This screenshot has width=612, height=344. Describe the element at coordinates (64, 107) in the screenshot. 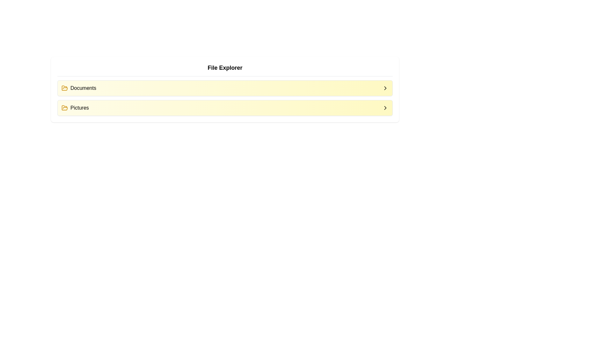

I see `the yellow open folder icon located to the left of the 'Documents' text in the file explorer interface for informational purposes` at that location.